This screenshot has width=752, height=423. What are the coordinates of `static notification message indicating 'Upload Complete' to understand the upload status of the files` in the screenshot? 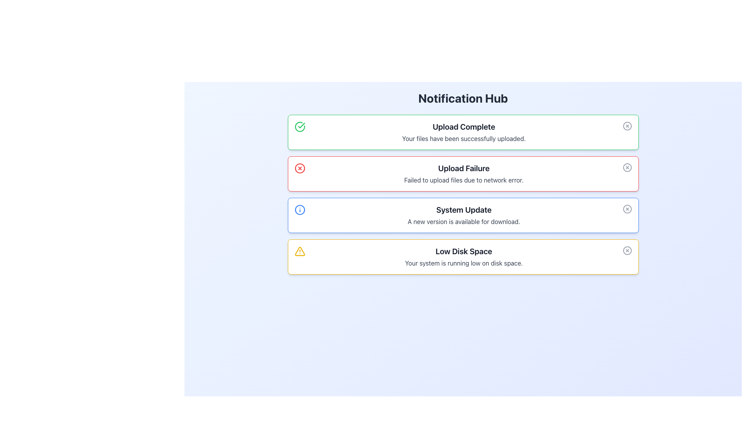 It's located at (464, 132).